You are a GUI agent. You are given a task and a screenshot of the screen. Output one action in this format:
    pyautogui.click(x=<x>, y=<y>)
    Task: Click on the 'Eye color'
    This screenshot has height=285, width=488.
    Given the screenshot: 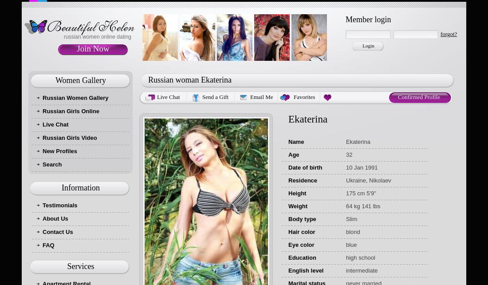 What is the action you would take?
    pyautogui.click(x=301, y=244)
    